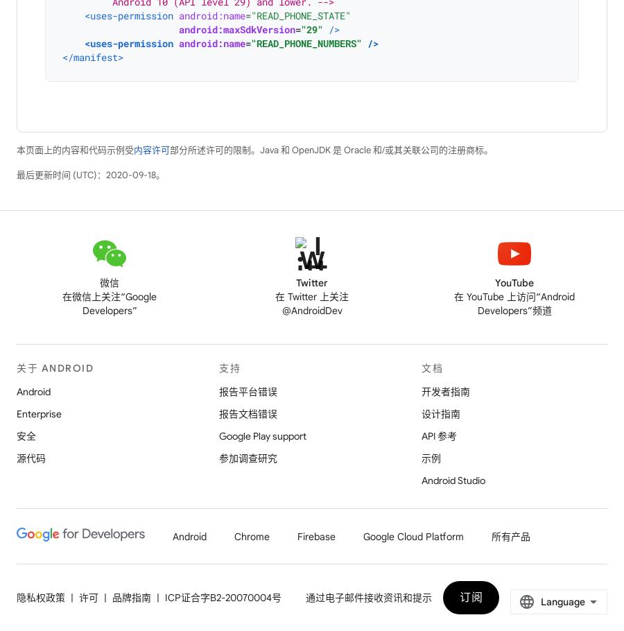 The image size is (624, 631). Describe the element at coordinates (513, 303) in the screenshot. I see `'在 YouTube 上访问“Android Developers”频道'` at that location.